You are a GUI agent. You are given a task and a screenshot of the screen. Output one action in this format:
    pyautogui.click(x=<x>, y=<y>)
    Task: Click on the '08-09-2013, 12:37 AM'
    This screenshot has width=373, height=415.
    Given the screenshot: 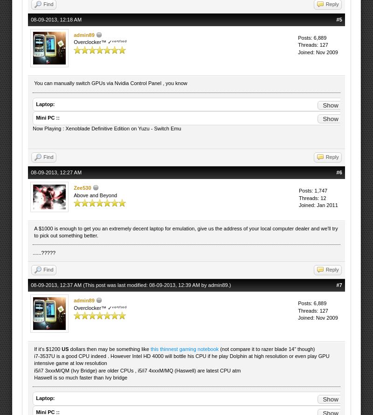 What is the action you would take?
    pyautogui.click(x=56, y=284)
    